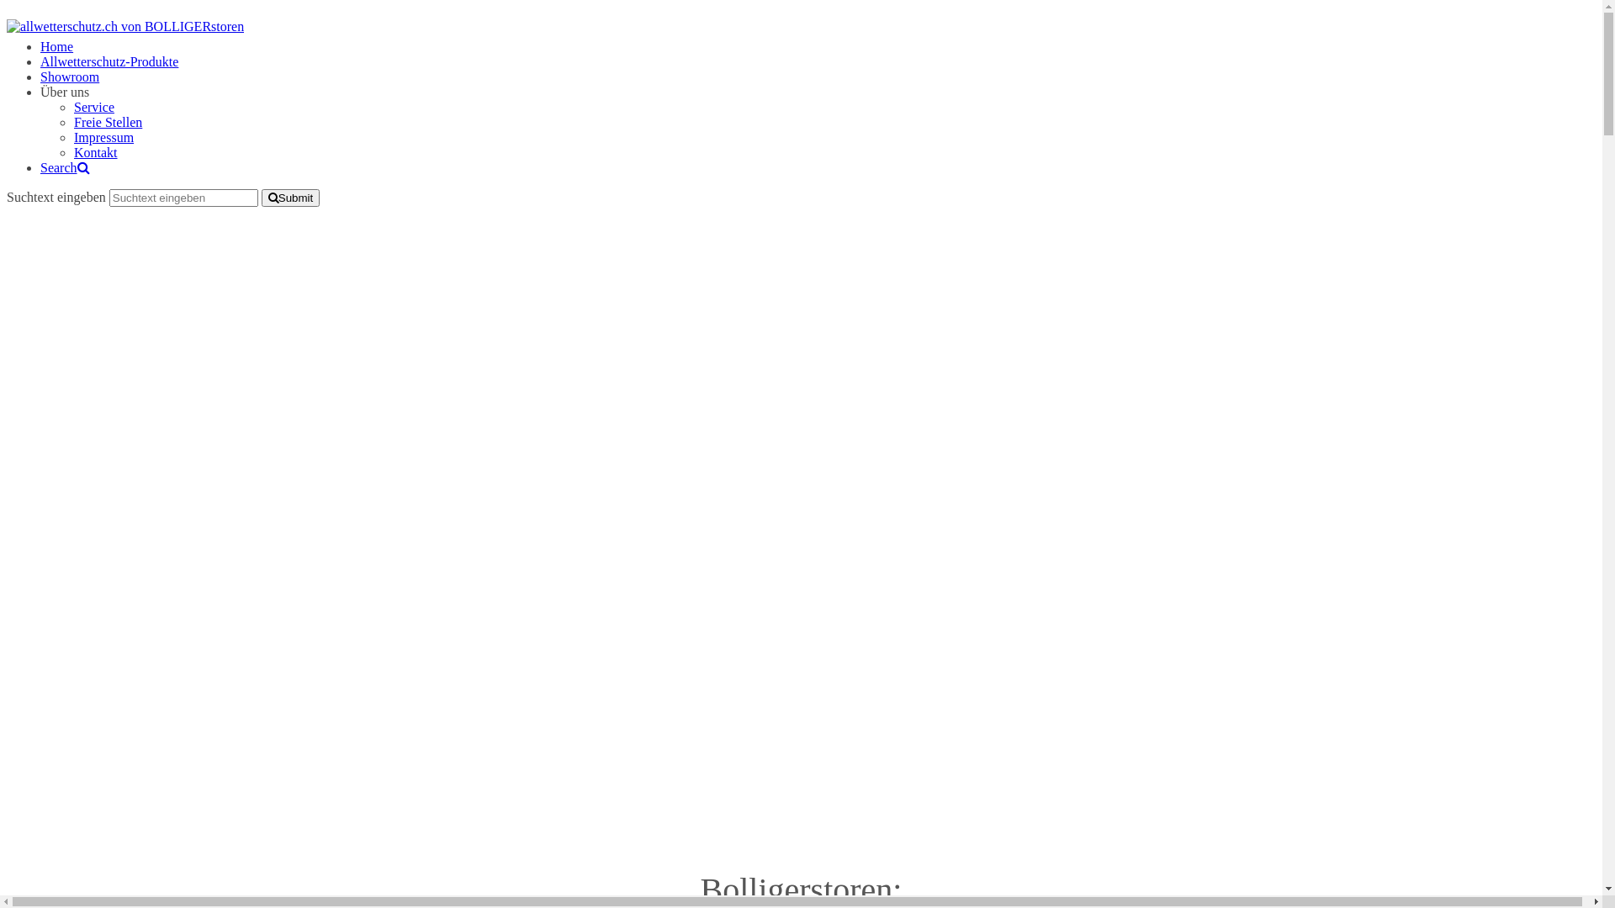  I want to click on 'Allwetterschutz-Produkte', so click(108, 61).